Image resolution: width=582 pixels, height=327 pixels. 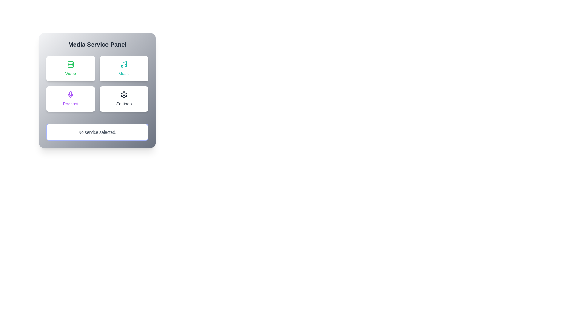 I want to click on the white rectangular button with rounded corners containing a teal music note icon and the text 'Music', located at the top-right corner of the 2x2 grid in the media service panel, so click(x=123, y=68).